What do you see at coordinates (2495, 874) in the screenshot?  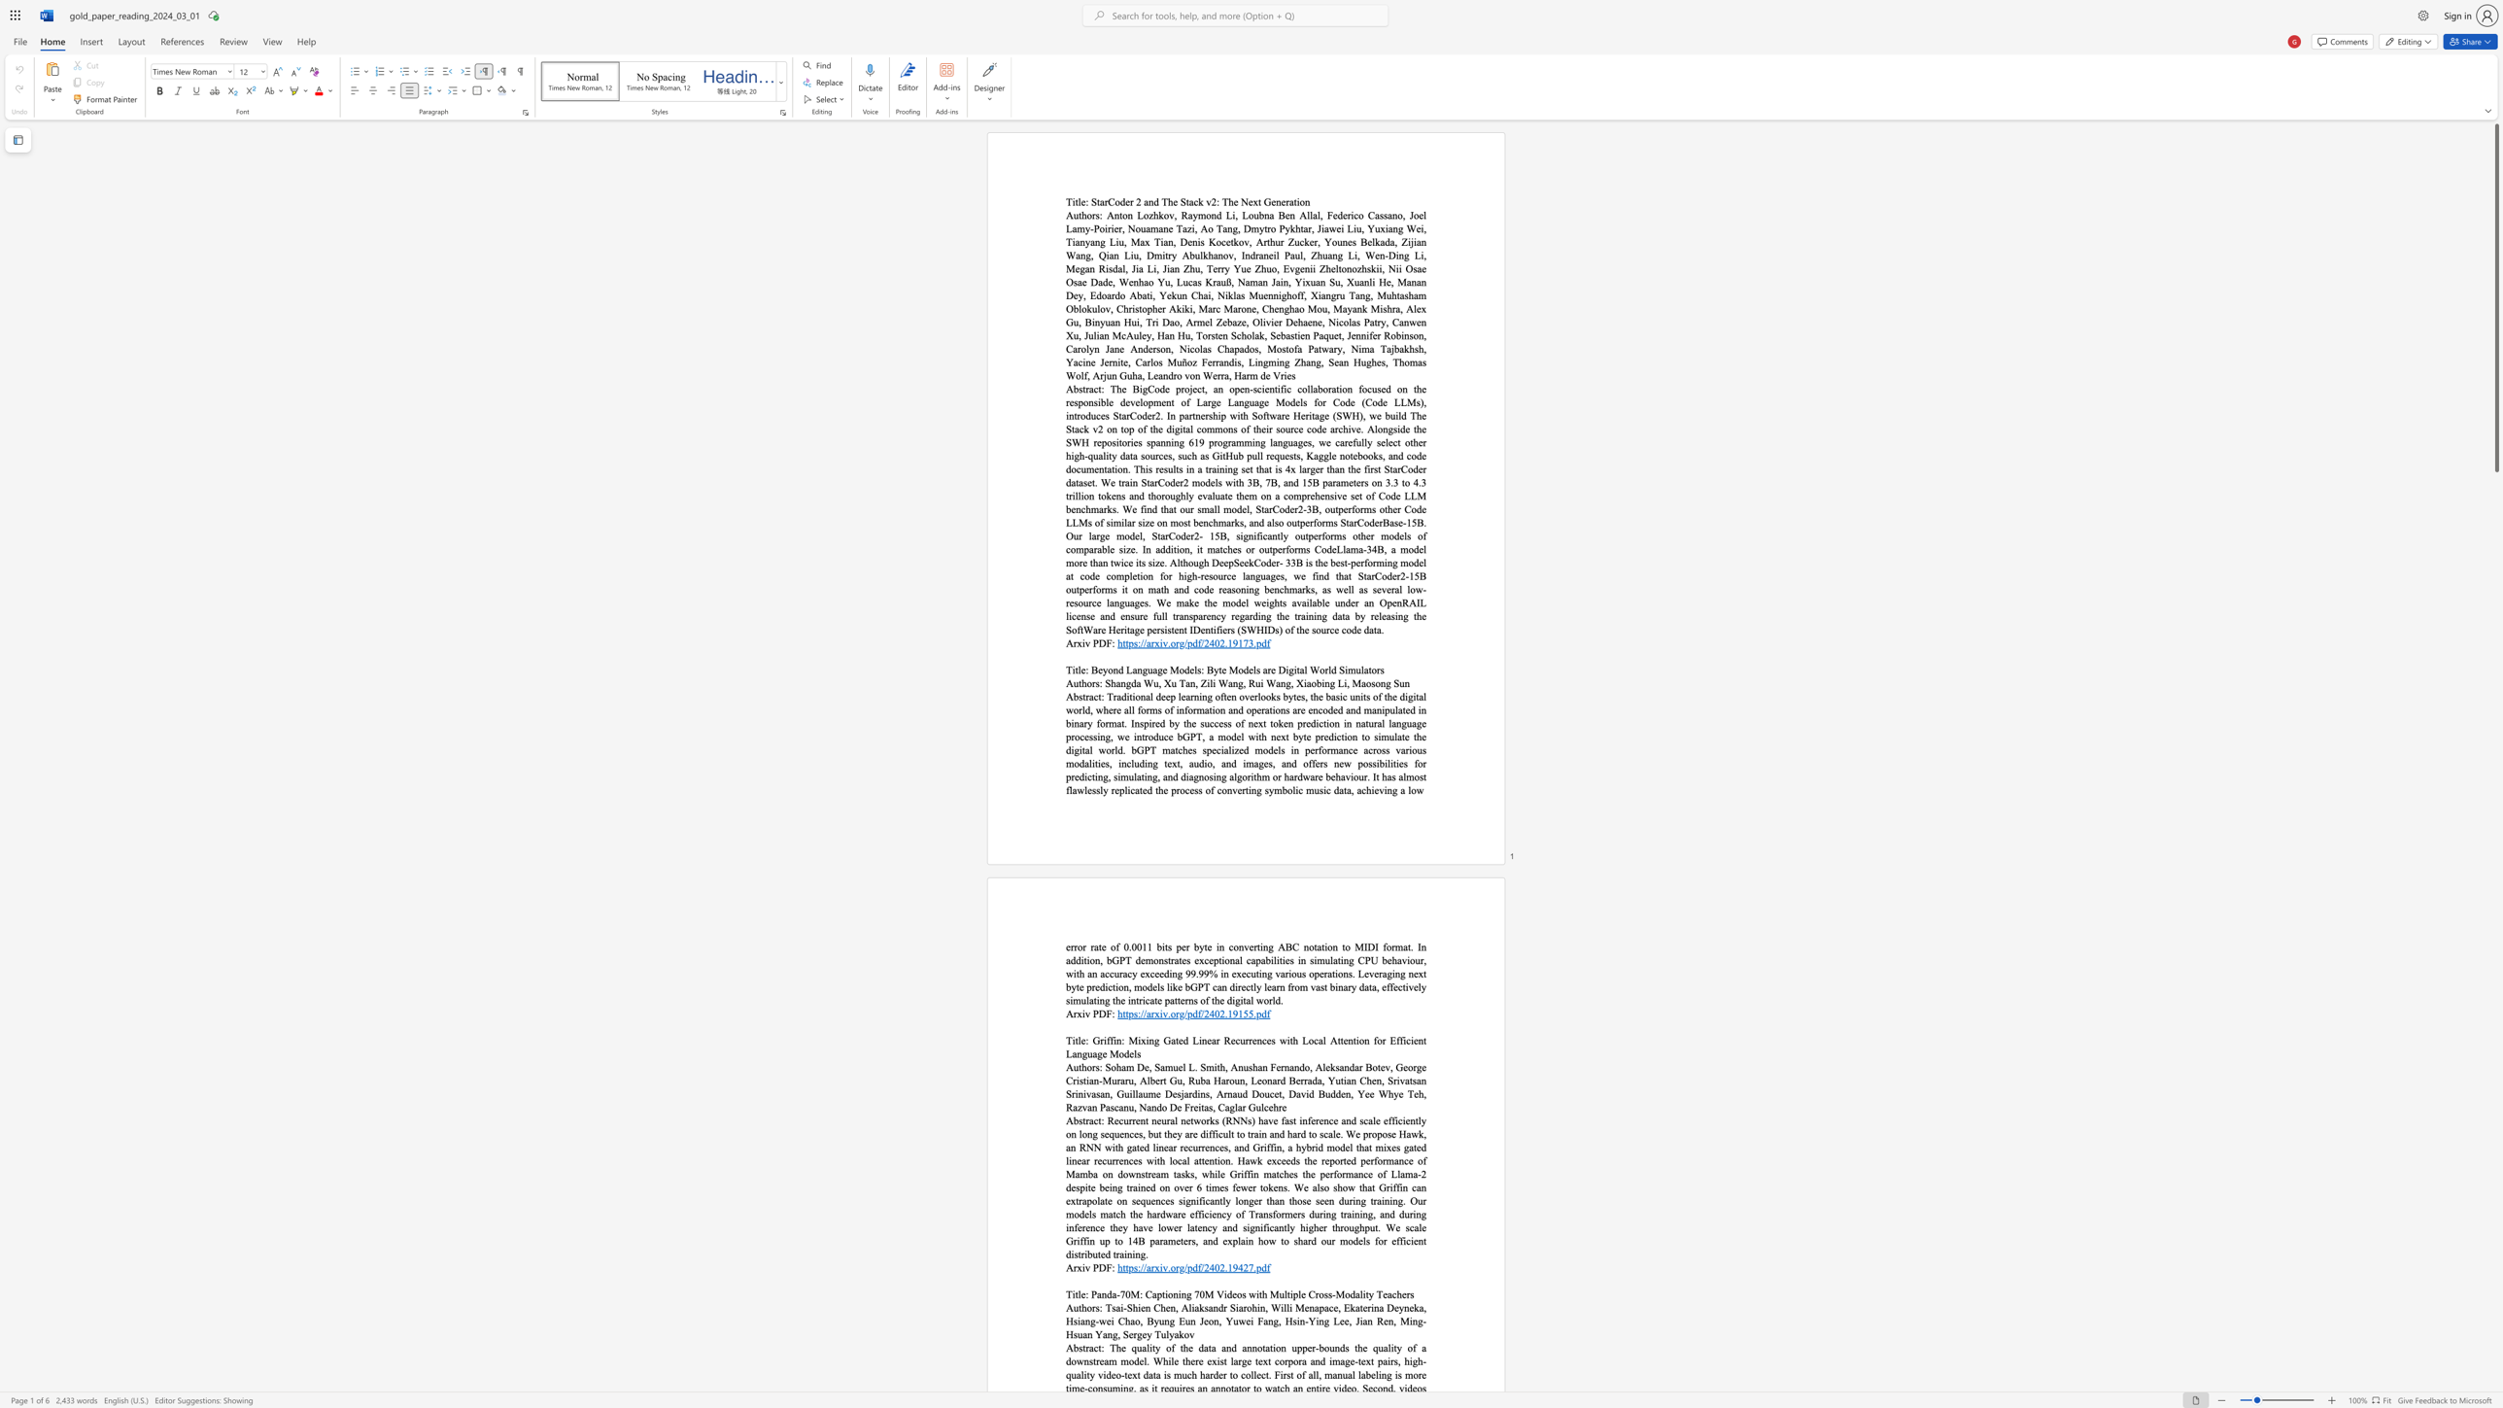 I see `the scrollbar on the right to move the page downward` at bounding box center [2495, 874].